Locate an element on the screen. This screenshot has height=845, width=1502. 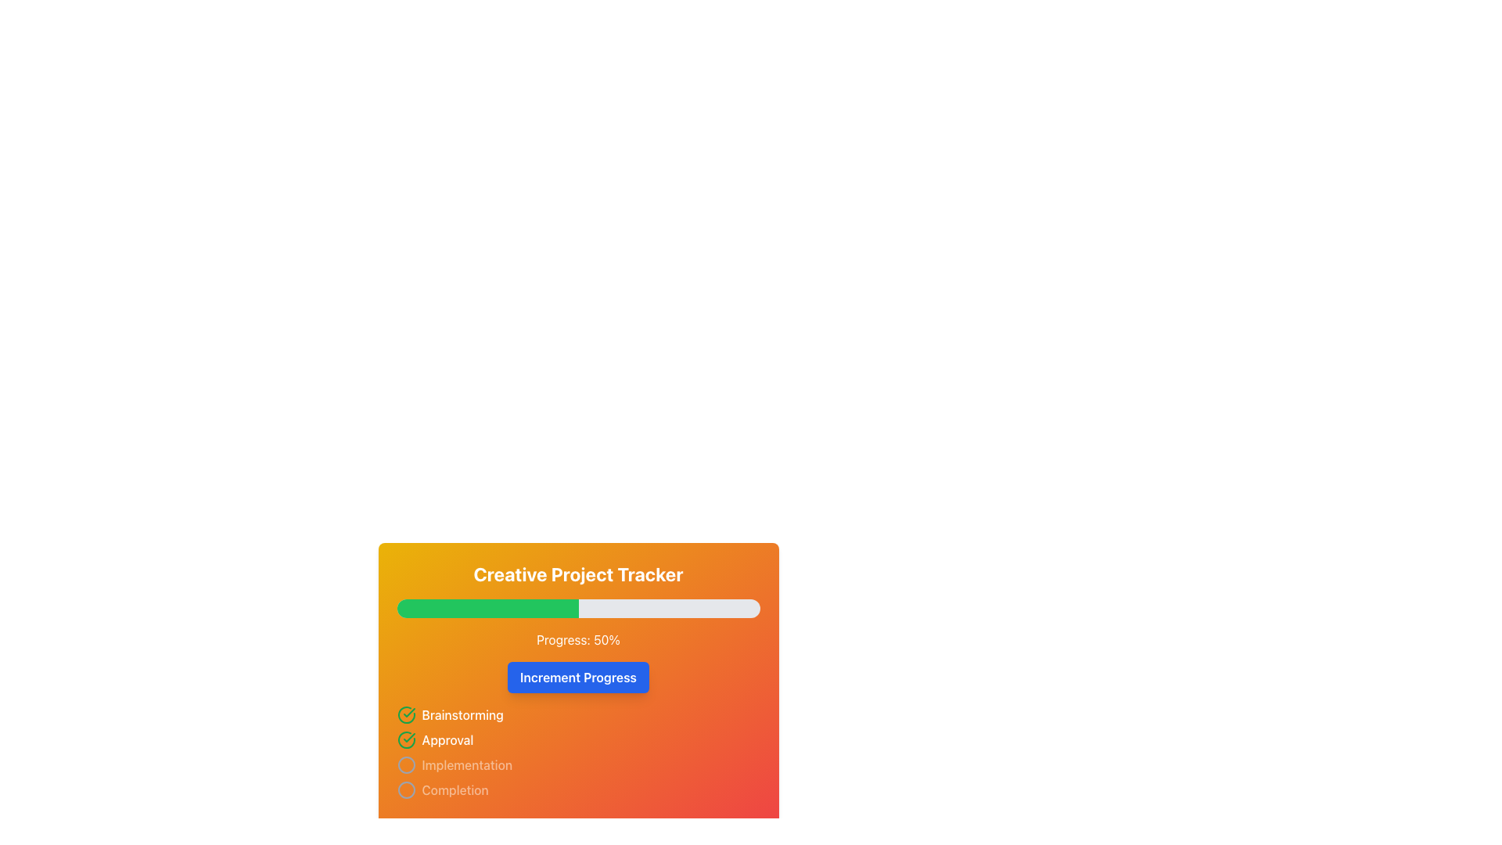
the green outlined circular icon with a checkmark next to the text 'Approval' is located at coordinates (406, 739).